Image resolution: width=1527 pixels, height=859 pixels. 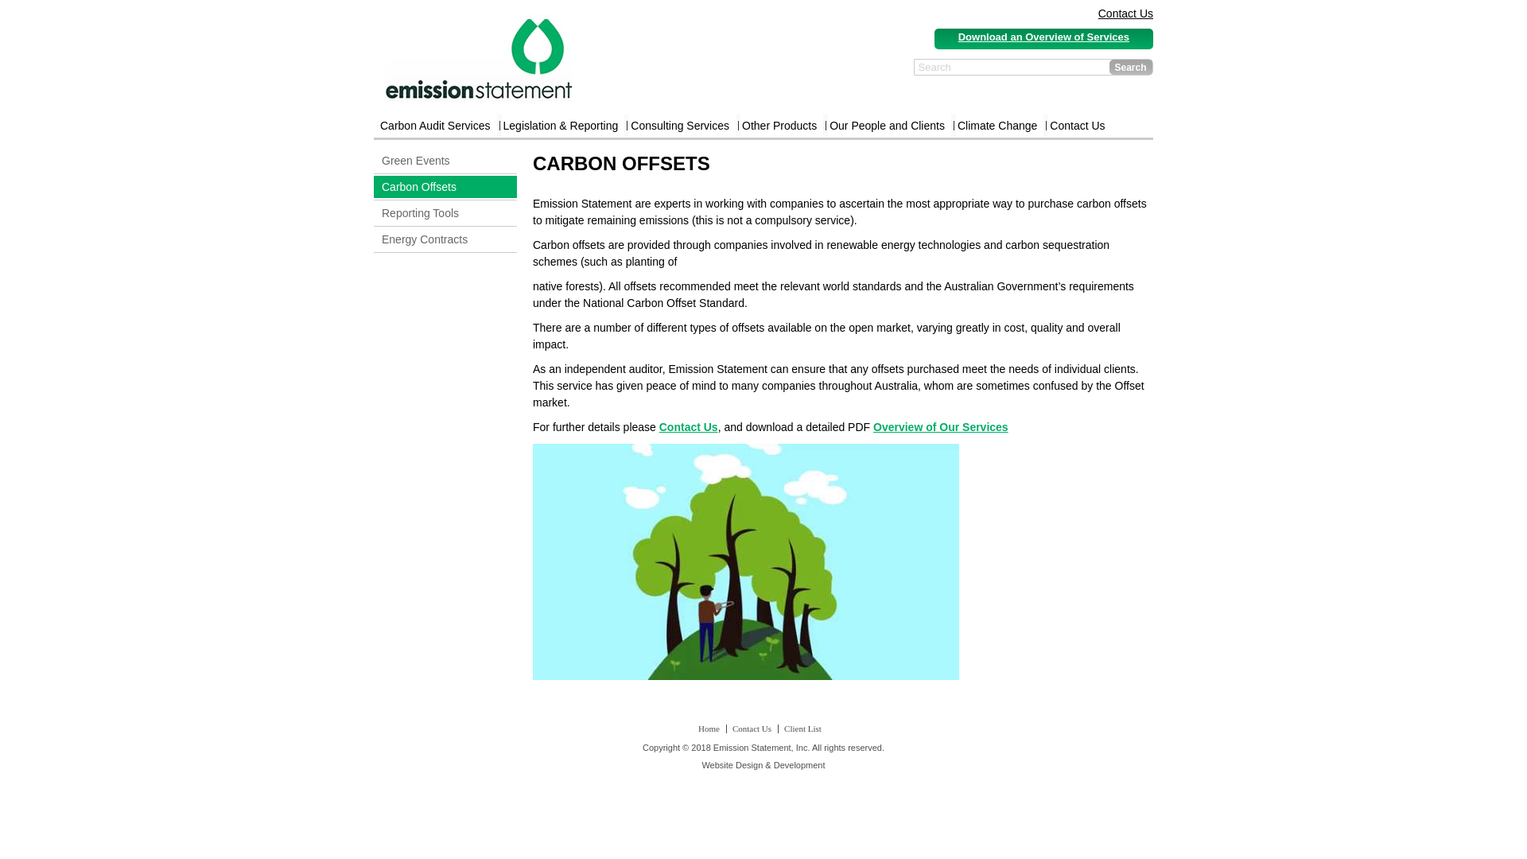 I want to click on 'Client List', so click(x=802, y=728).